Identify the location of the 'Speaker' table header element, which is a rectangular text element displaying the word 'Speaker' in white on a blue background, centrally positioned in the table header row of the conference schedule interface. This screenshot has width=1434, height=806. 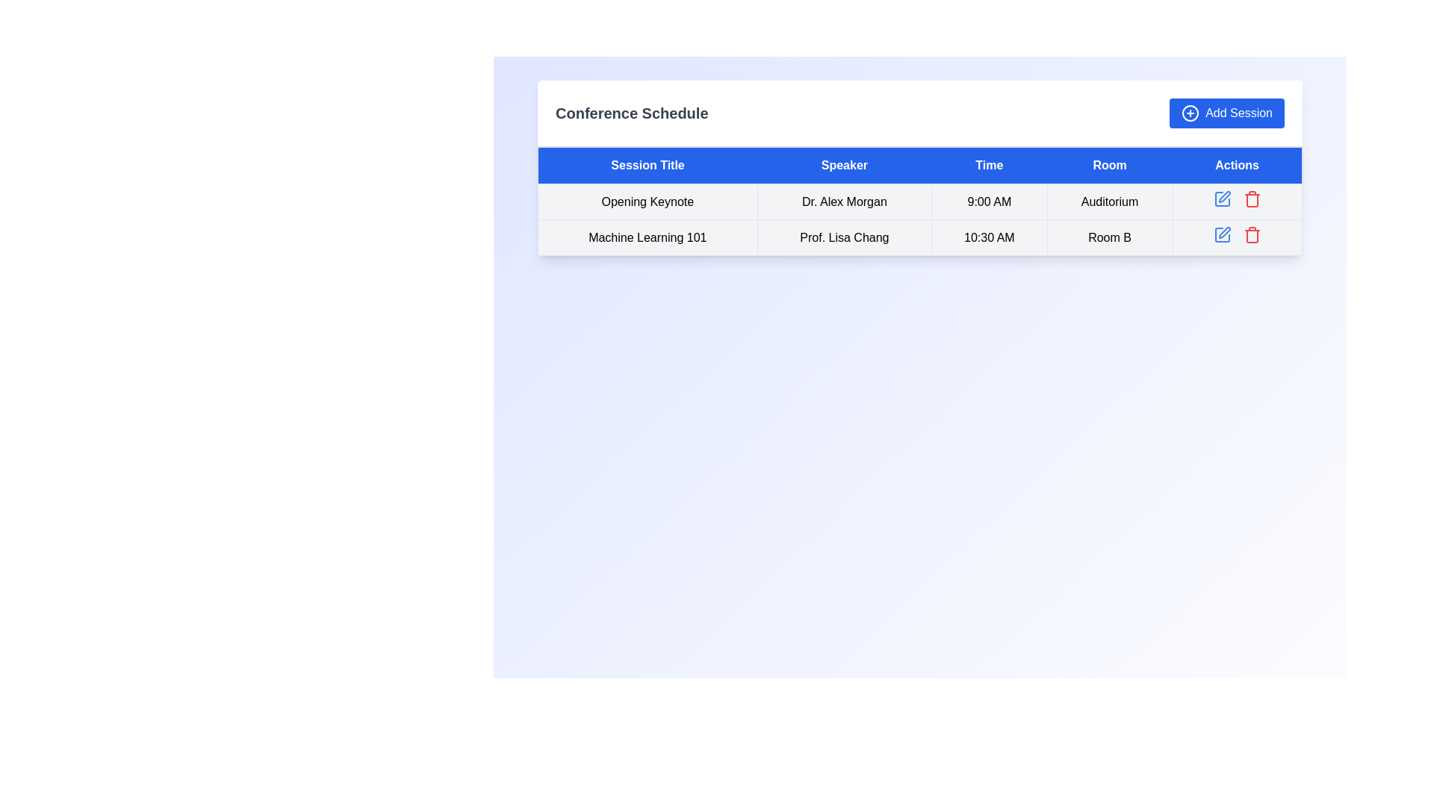
(844, 166).